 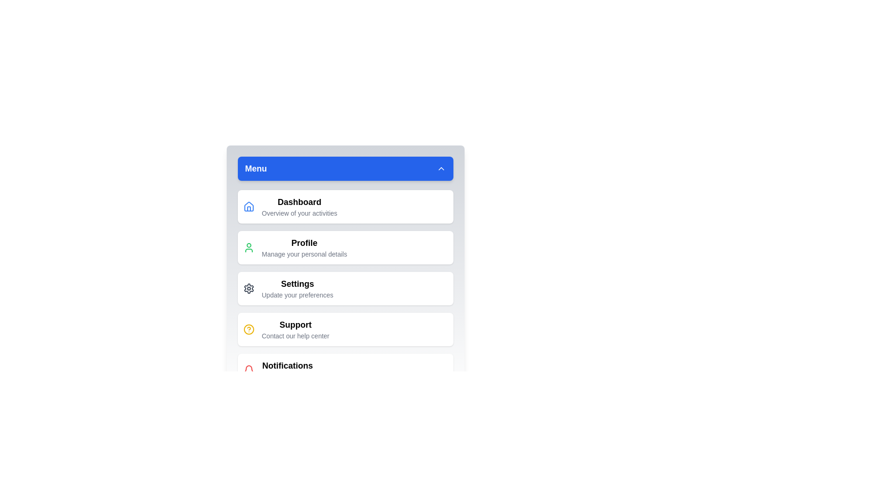 I want to click on the bolded 'Support' header label which is centrally aligned and located above the 'Contact our help center' text, so click(x=295, y=324).